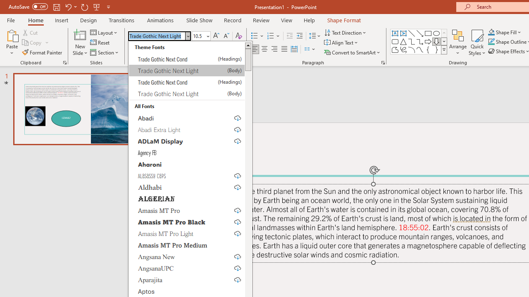 This screenshot has height=297, width=529. What do you see at coordinates (80, 35) in the screenshot?
I see `'New Slide'` at bounding box center [80, 35].